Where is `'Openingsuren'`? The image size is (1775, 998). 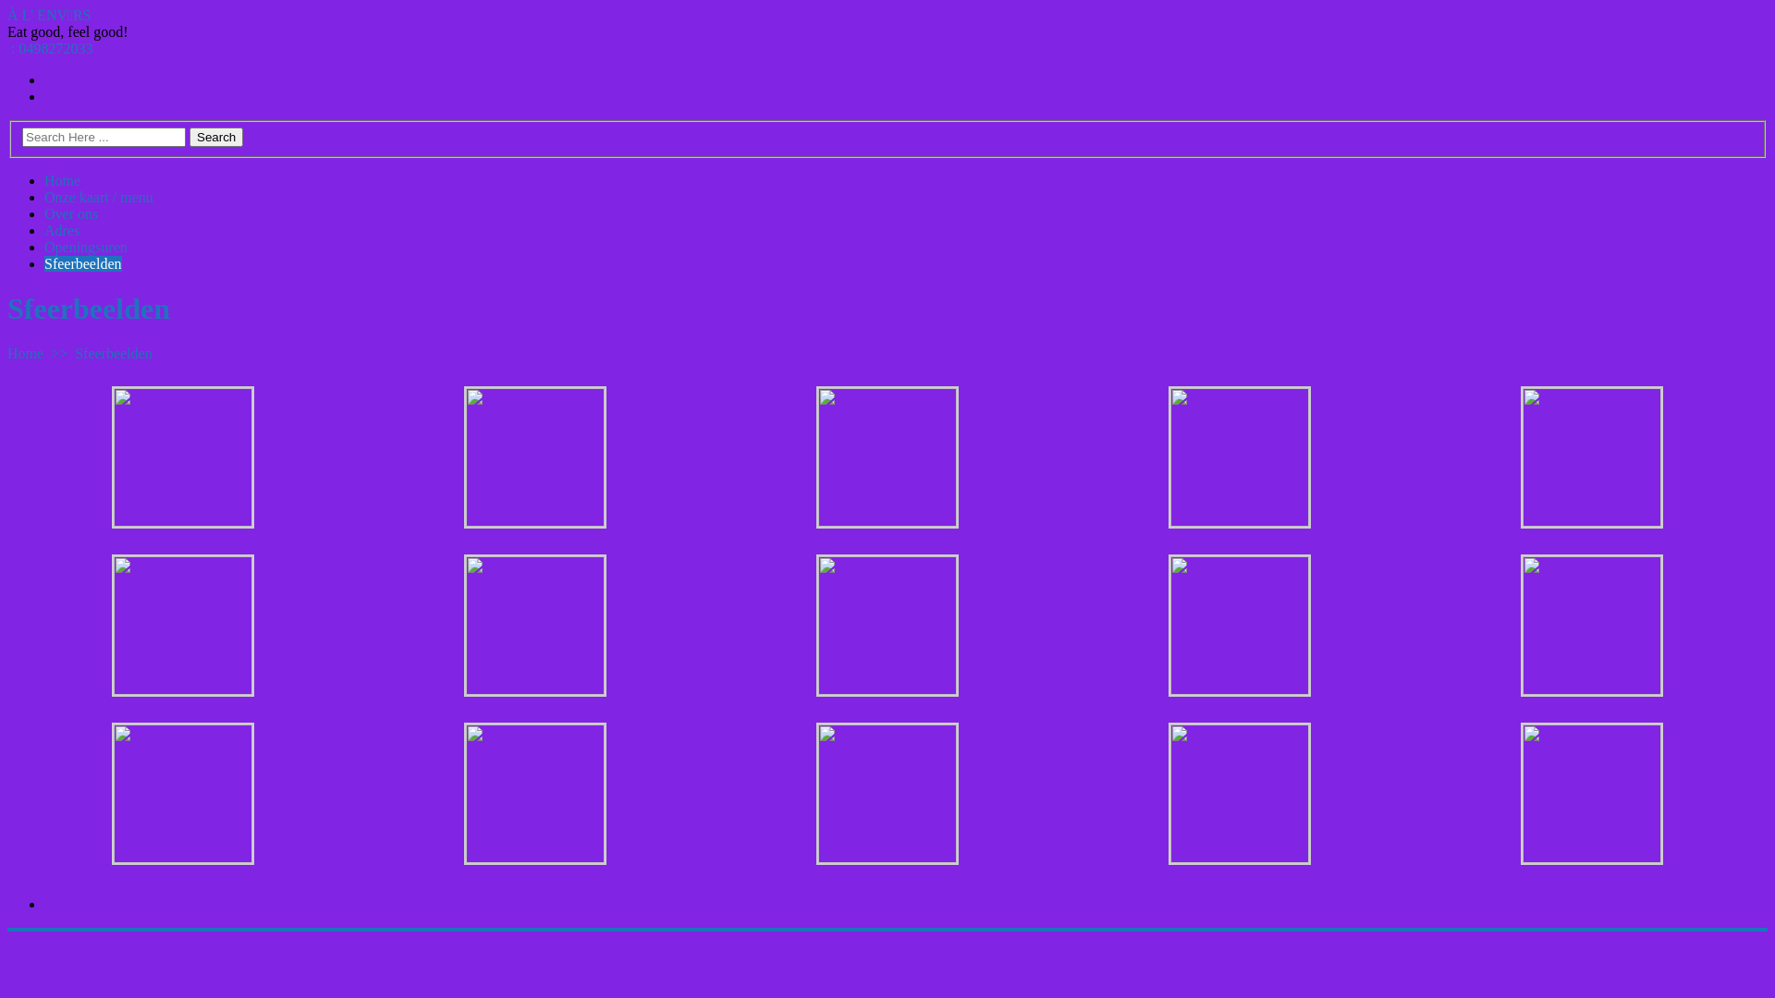 'Openingsuren' is located at coordinates (84, 246).